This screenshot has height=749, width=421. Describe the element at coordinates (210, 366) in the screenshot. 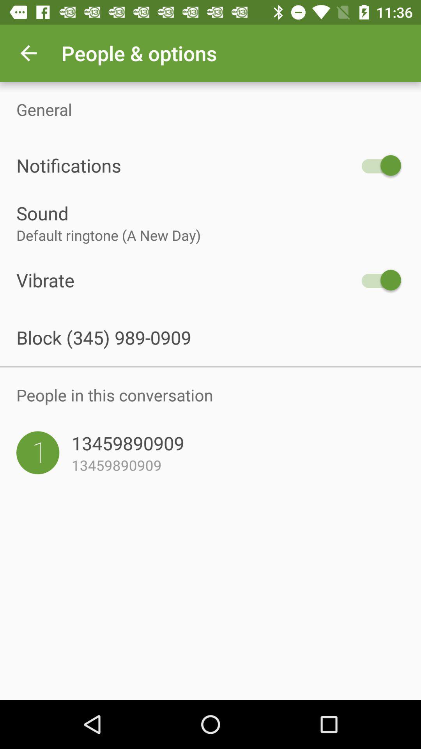

I see `the icon above people in this item` at that location.